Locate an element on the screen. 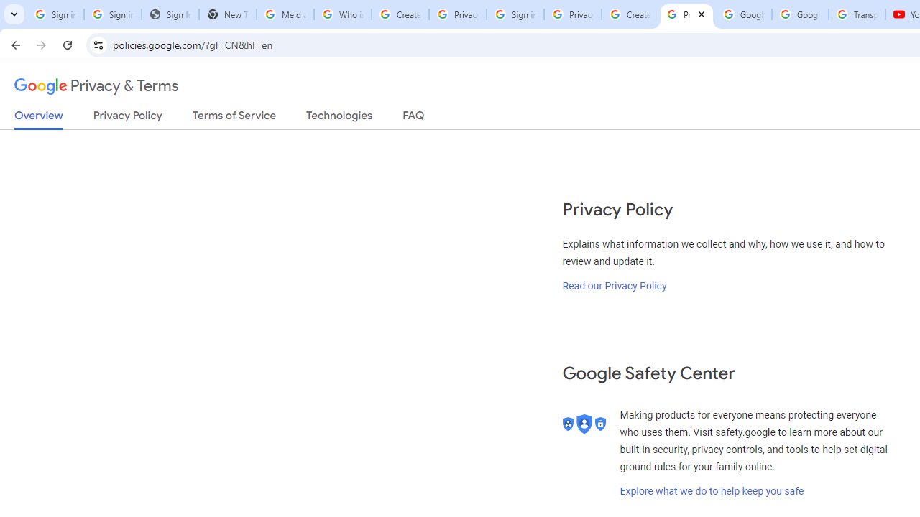 The height and width of the screenshot is (517, 920). 'Google Account' is located at coordinates (799, 14).